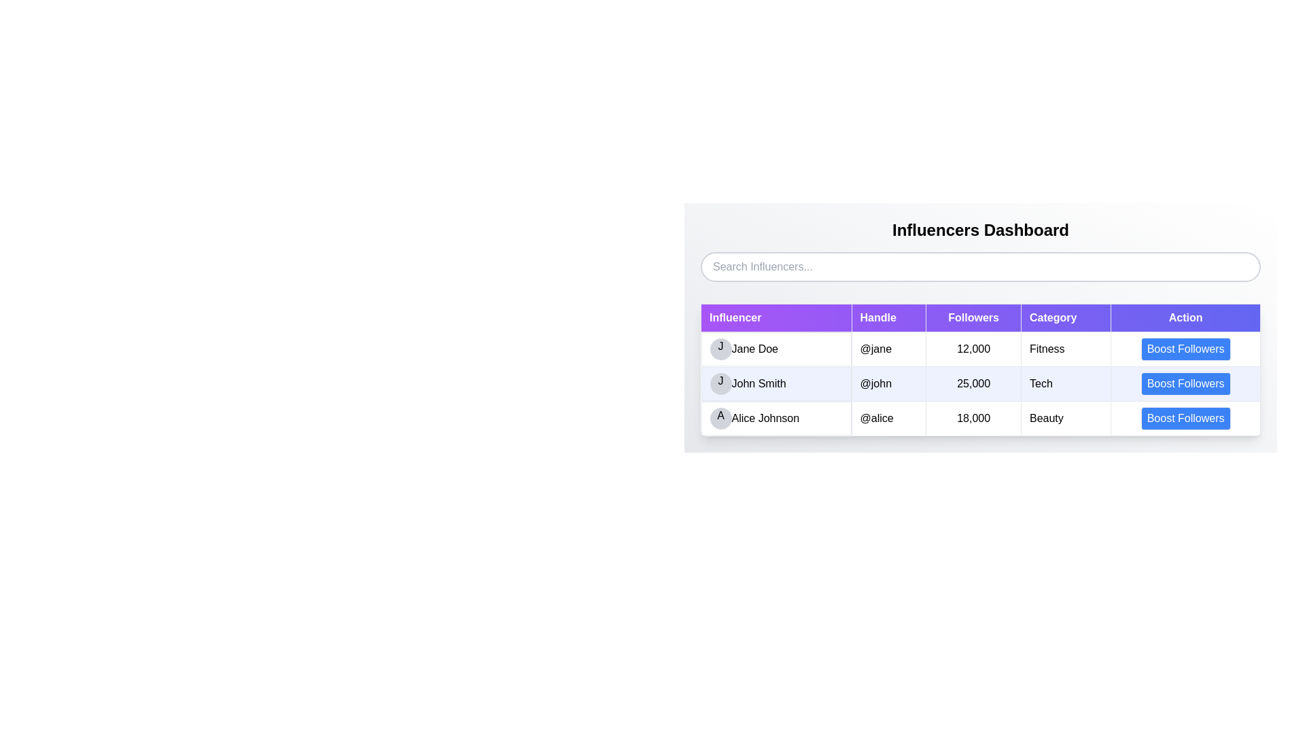 The height and width of the screenshot is (734, 1305). Describe the element at coordinates (720, 383) in the screenshot. I see `the Avatar placeholder, which is a circular badge with a gray background and a centered letter 'J', located at the left of the row containing the name 'John Smith'` at that location.